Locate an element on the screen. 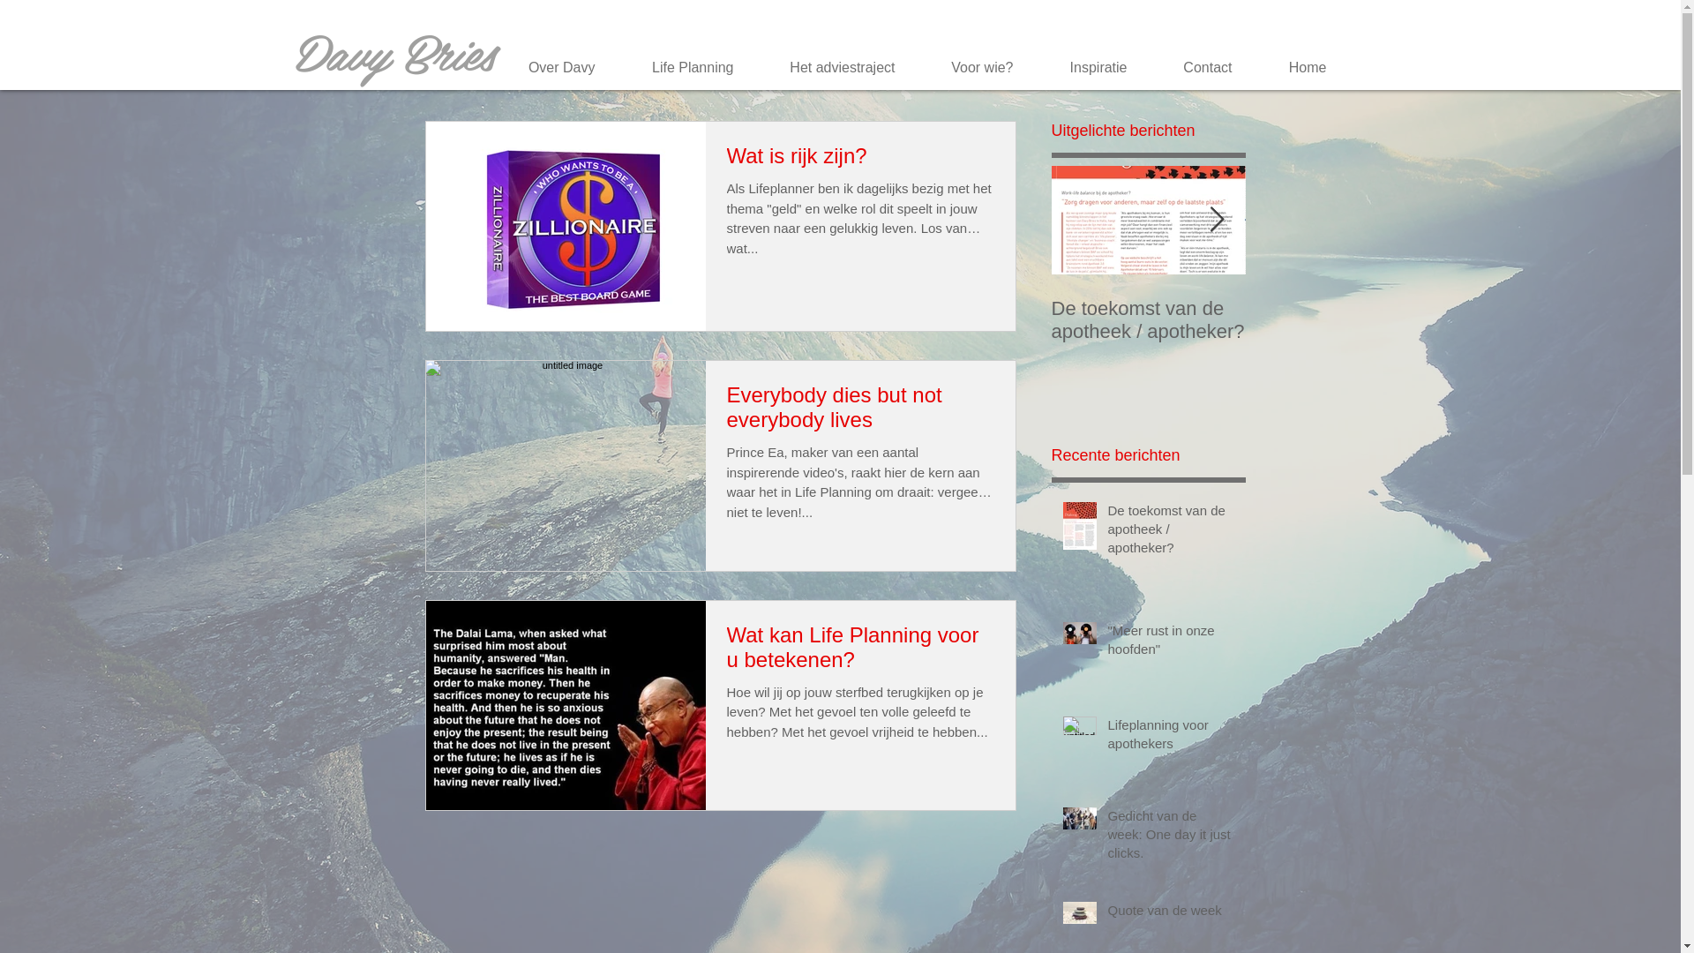  'Wat is Life Planning nu eigenlijk?' is located at coordinates (1536, 319).